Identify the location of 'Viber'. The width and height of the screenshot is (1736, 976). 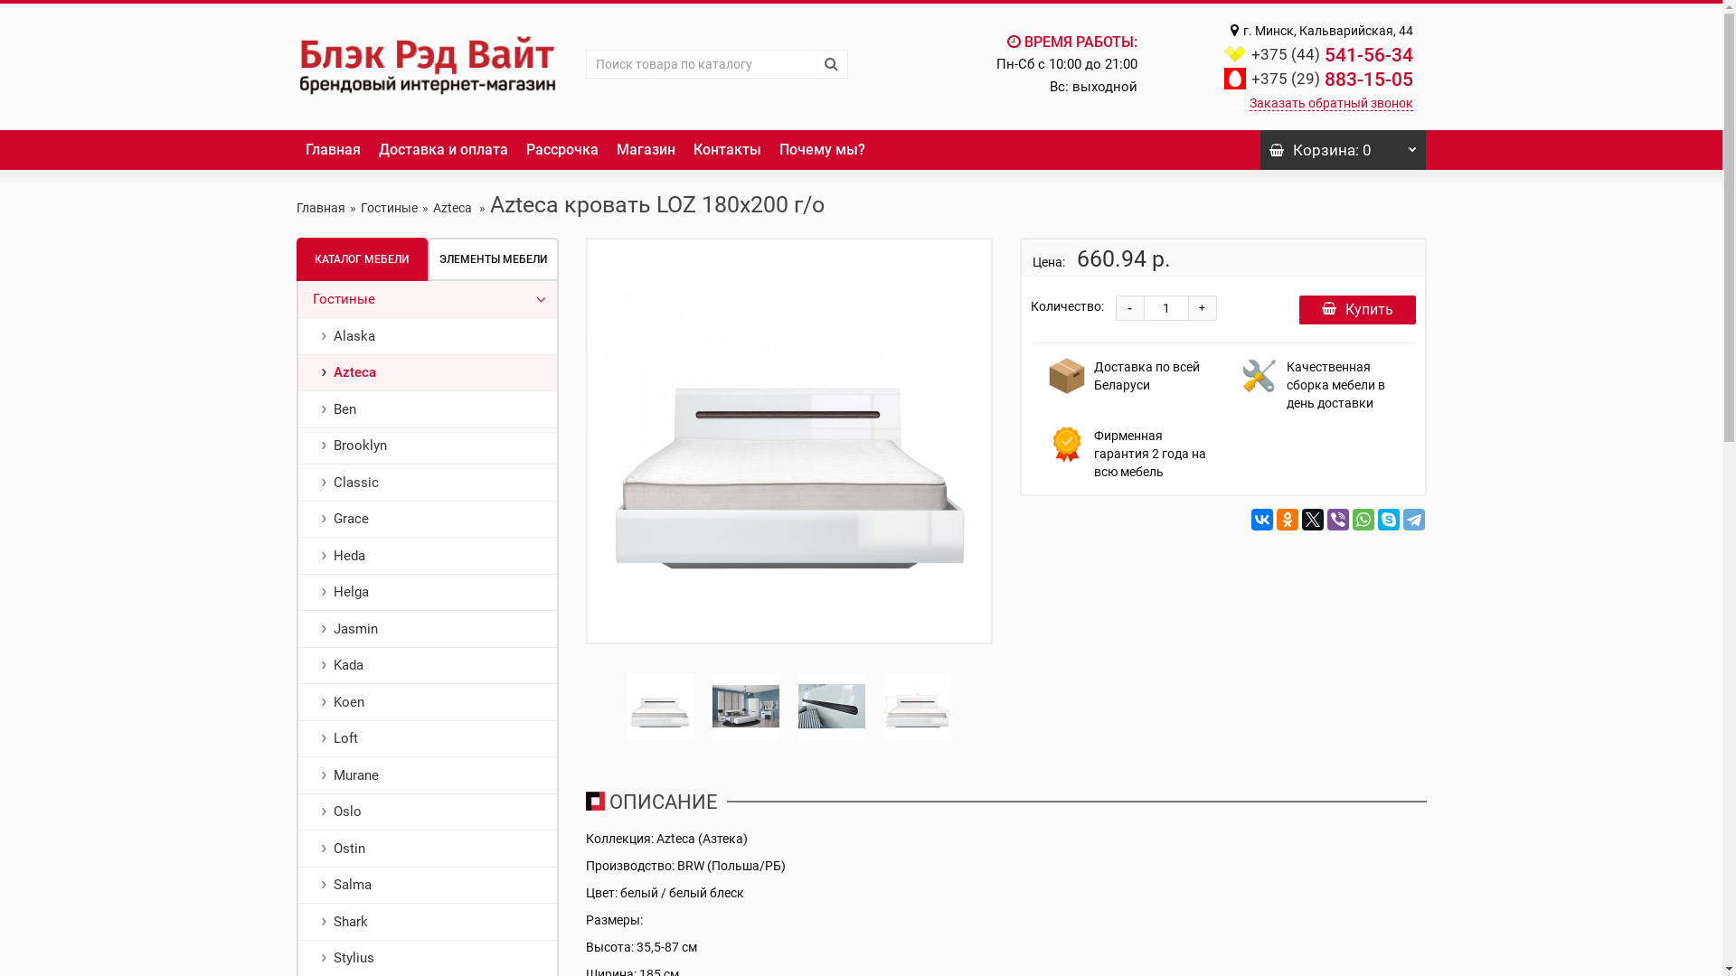
(1337, 519).